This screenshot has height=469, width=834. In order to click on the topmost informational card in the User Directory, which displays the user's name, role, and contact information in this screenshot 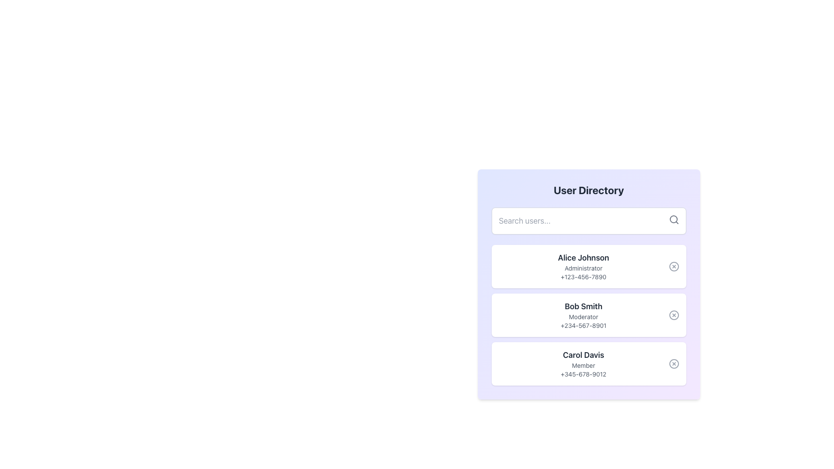, I will do `click(589, 284)`.